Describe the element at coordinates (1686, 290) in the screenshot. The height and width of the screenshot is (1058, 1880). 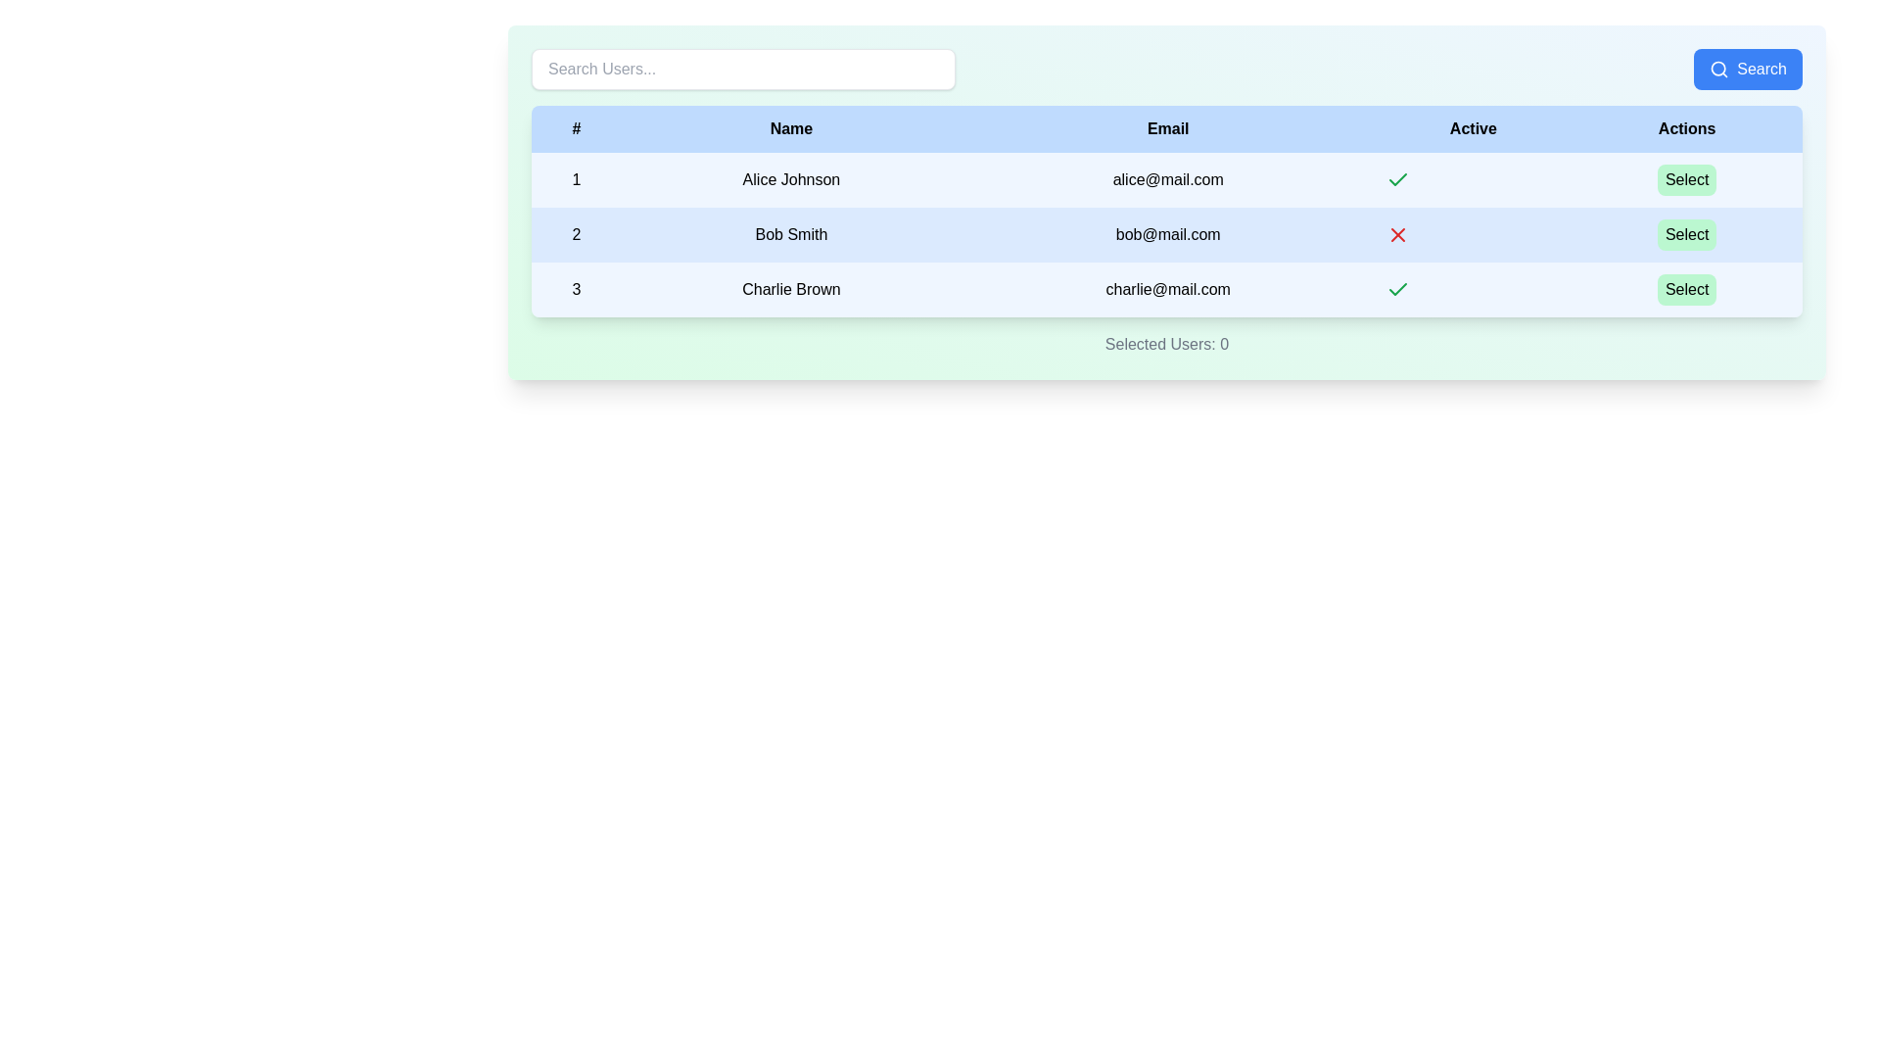
I see `the 'Select' button in the last row of the table under the 'Actions' column corresponding to user 'Charlie Brown'` at that location.